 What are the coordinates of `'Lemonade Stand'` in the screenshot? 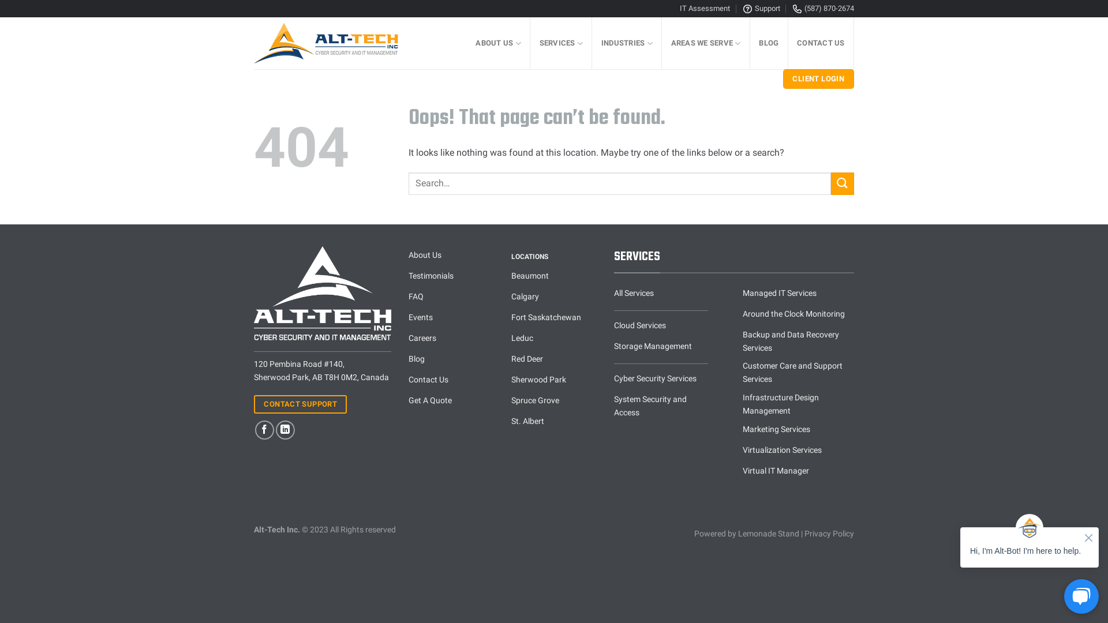 It's located at (737, 534).